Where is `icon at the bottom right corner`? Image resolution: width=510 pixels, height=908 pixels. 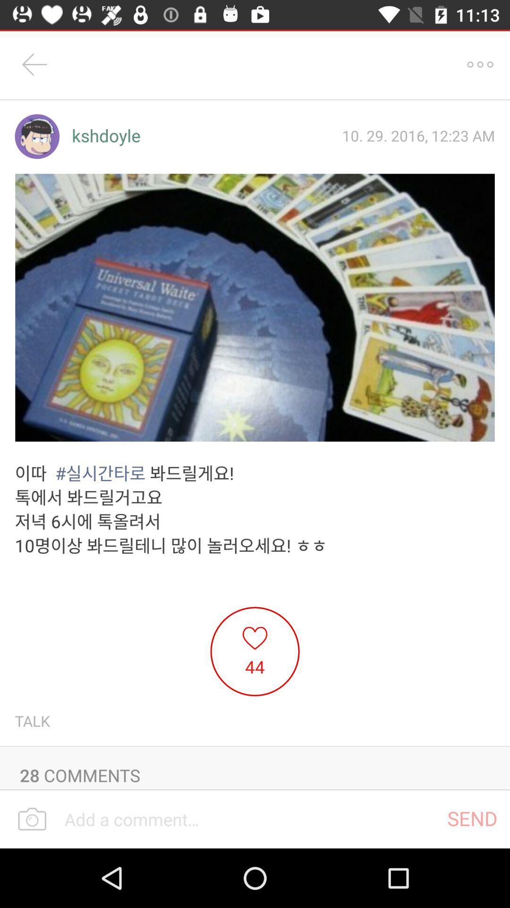
icon at the bottom right corner is located at coordinates (472, 818).